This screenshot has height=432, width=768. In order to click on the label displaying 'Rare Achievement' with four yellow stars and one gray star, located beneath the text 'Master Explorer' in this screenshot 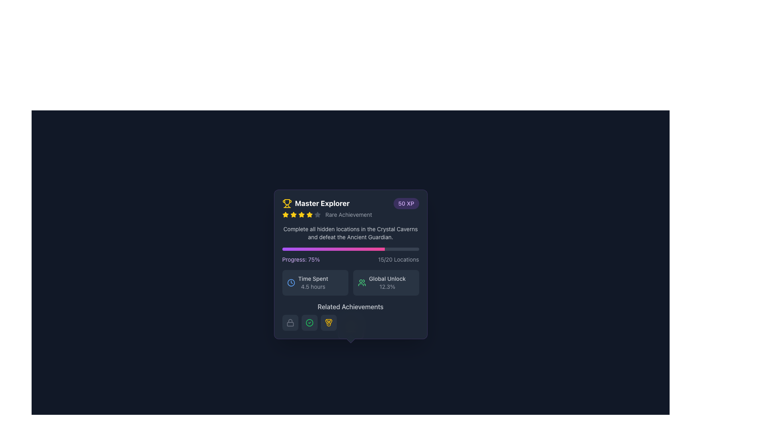, I will do `click(327, 214)`.